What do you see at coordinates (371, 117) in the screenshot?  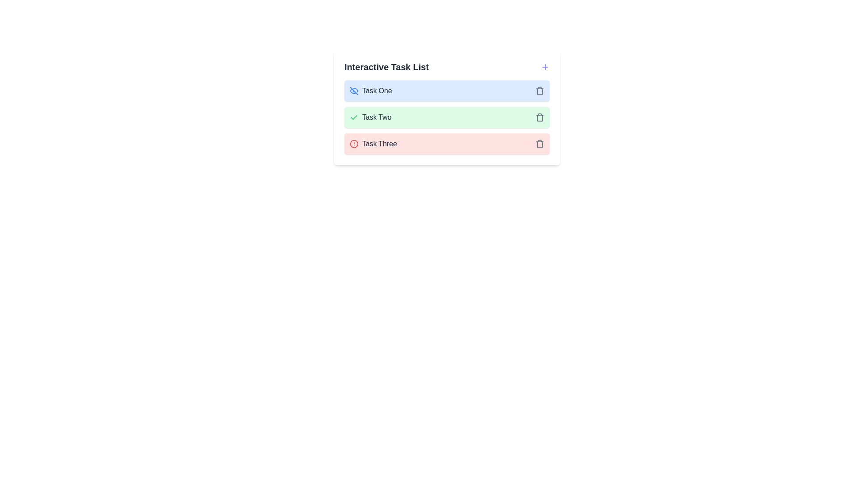 I see `on the 'Task Two' text label, which is displayed in medium gray font and indicates a completed task in the task list, located` at bounding box center [371, 117].